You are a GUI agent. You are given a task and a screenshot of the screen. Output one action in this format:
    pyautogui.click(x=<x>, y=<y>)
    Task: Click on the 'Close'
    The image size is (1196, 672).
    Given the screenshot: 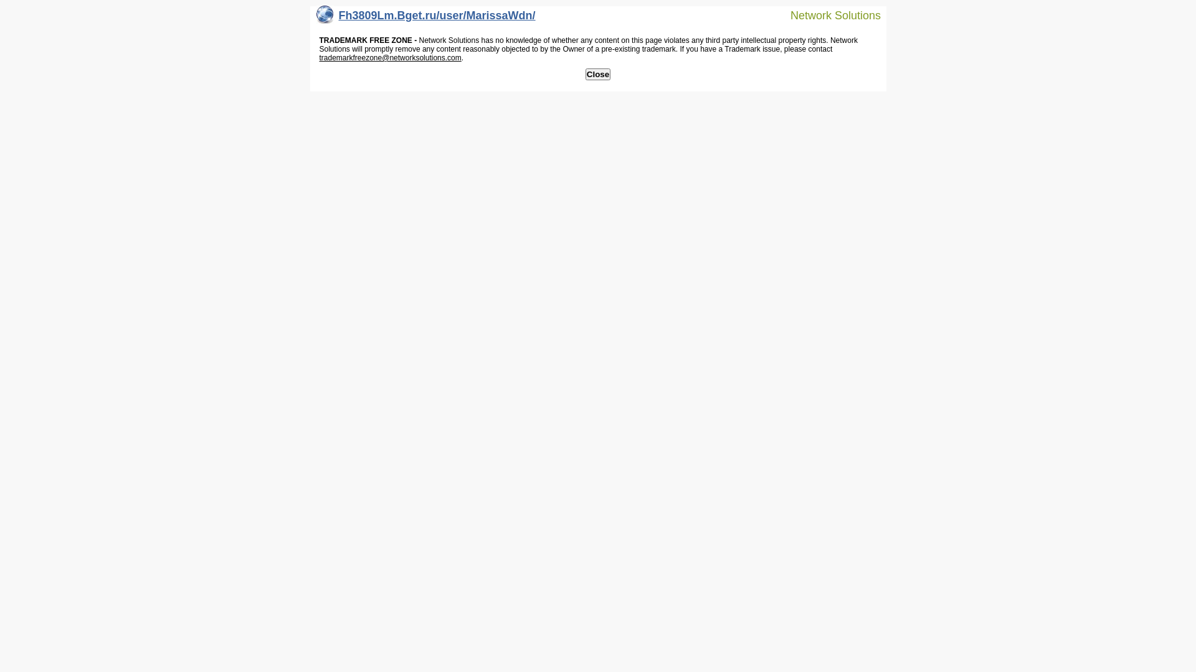 What is the action you would take?
    pyautogui.click(x=585, y=74)
    